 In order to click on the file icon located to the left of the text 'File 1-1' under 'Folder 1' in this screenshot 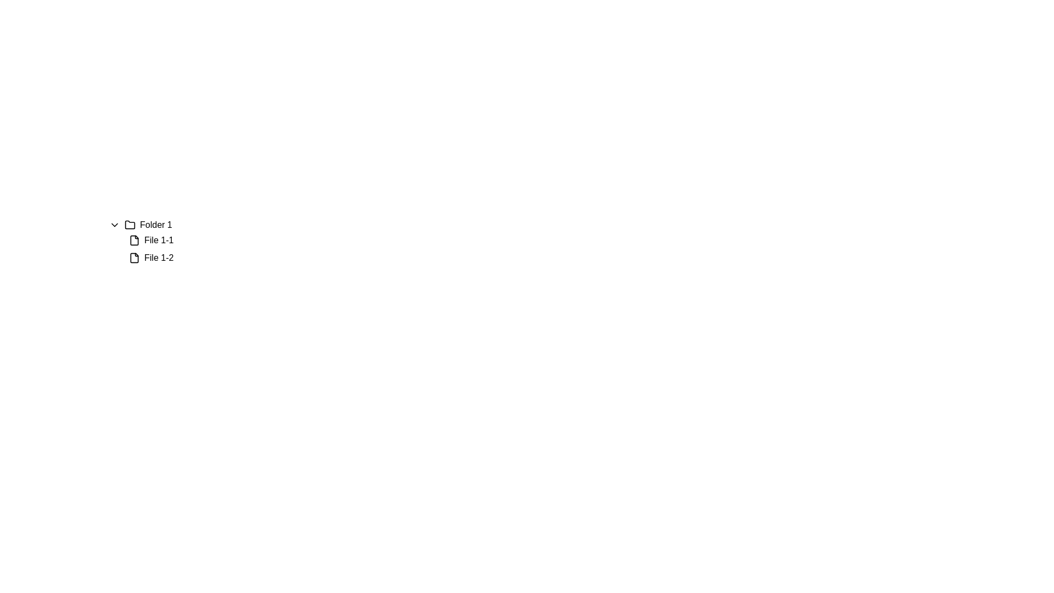, I will do `click(133, 240)`.